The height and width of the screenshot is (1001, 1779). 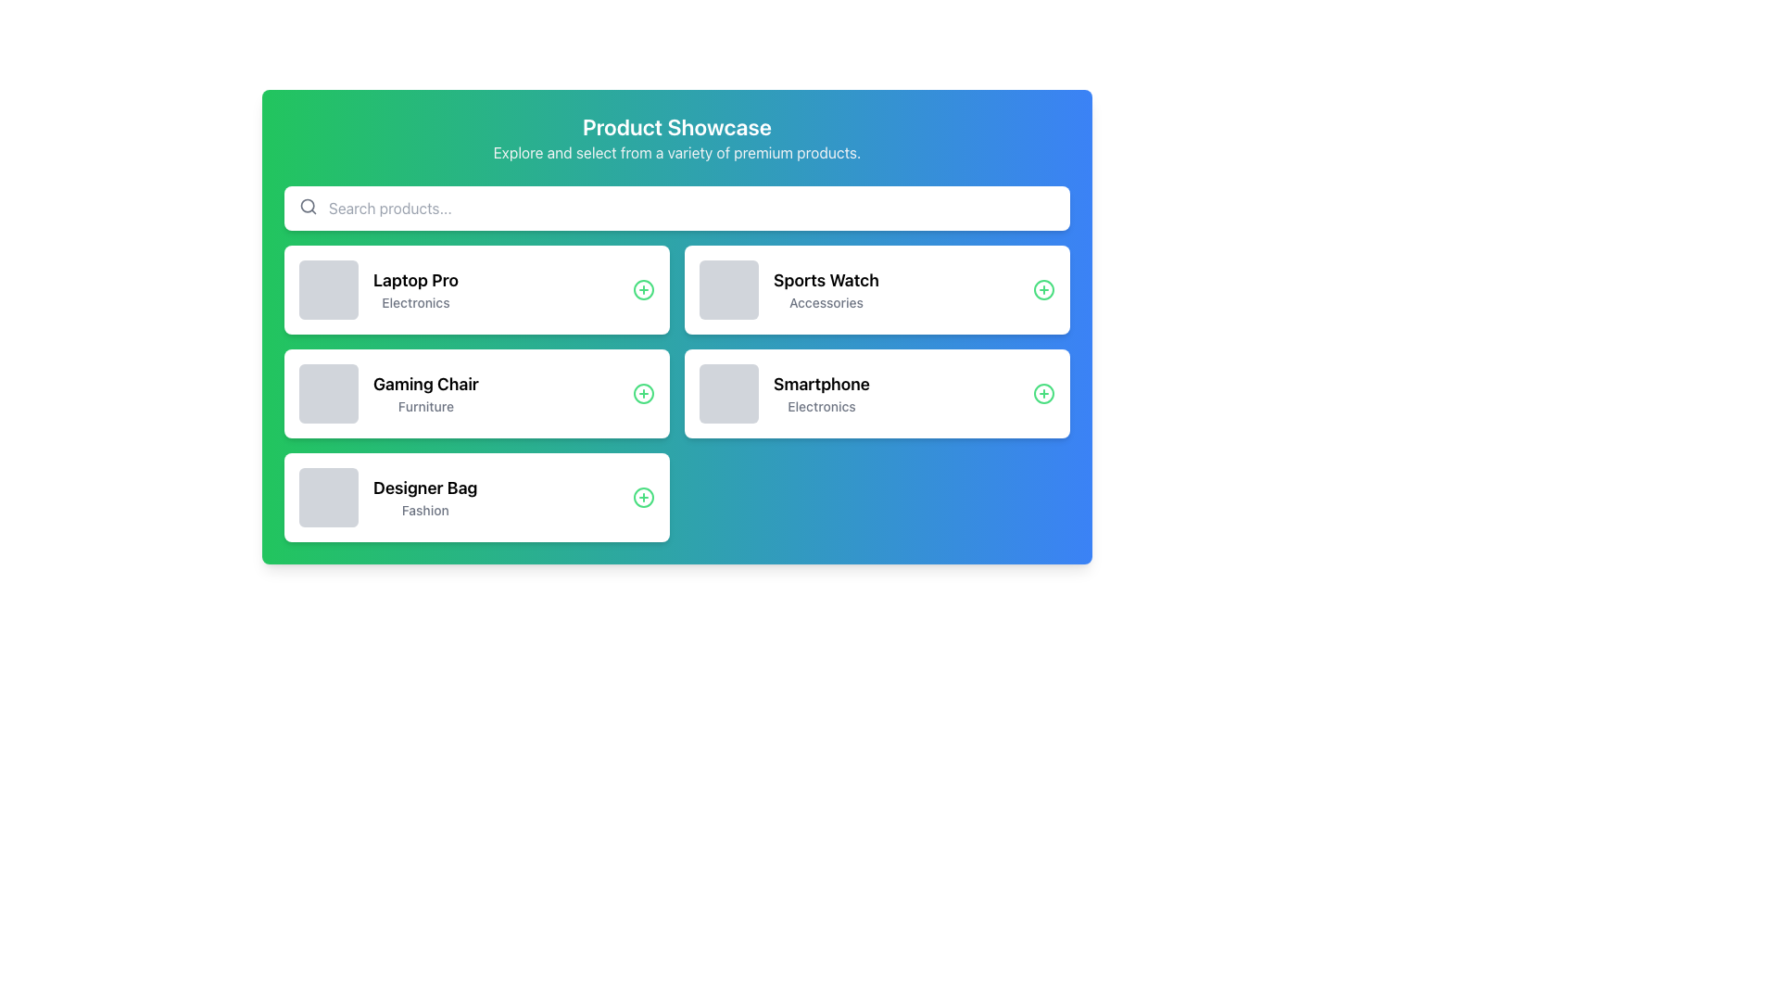 What do you see at coordinates (784, 392) in the screenshot?
I see `the informational label displaying 'Smartphone' in the product grid, located in the second column of the second row` at bounding box center [784, 392].